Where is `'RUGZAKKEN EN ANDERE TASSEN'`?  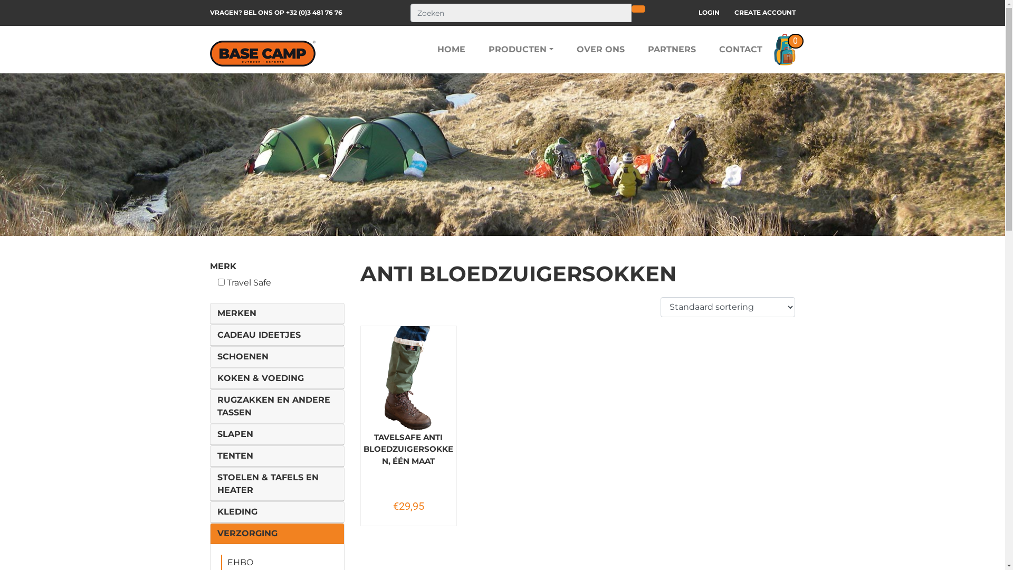
'RUGZAKKEN EN ANDERE TASSEN' is located at coordinates (276, 406).